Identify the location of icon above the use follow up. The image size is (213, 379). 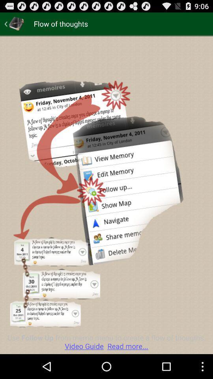
(14, 23).